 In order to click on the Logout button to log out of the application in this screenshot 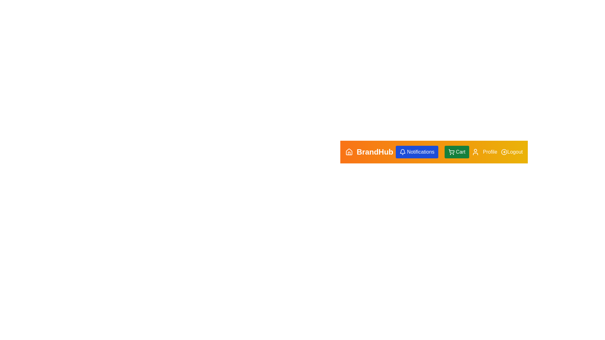, I will do `click(512, 152)`.